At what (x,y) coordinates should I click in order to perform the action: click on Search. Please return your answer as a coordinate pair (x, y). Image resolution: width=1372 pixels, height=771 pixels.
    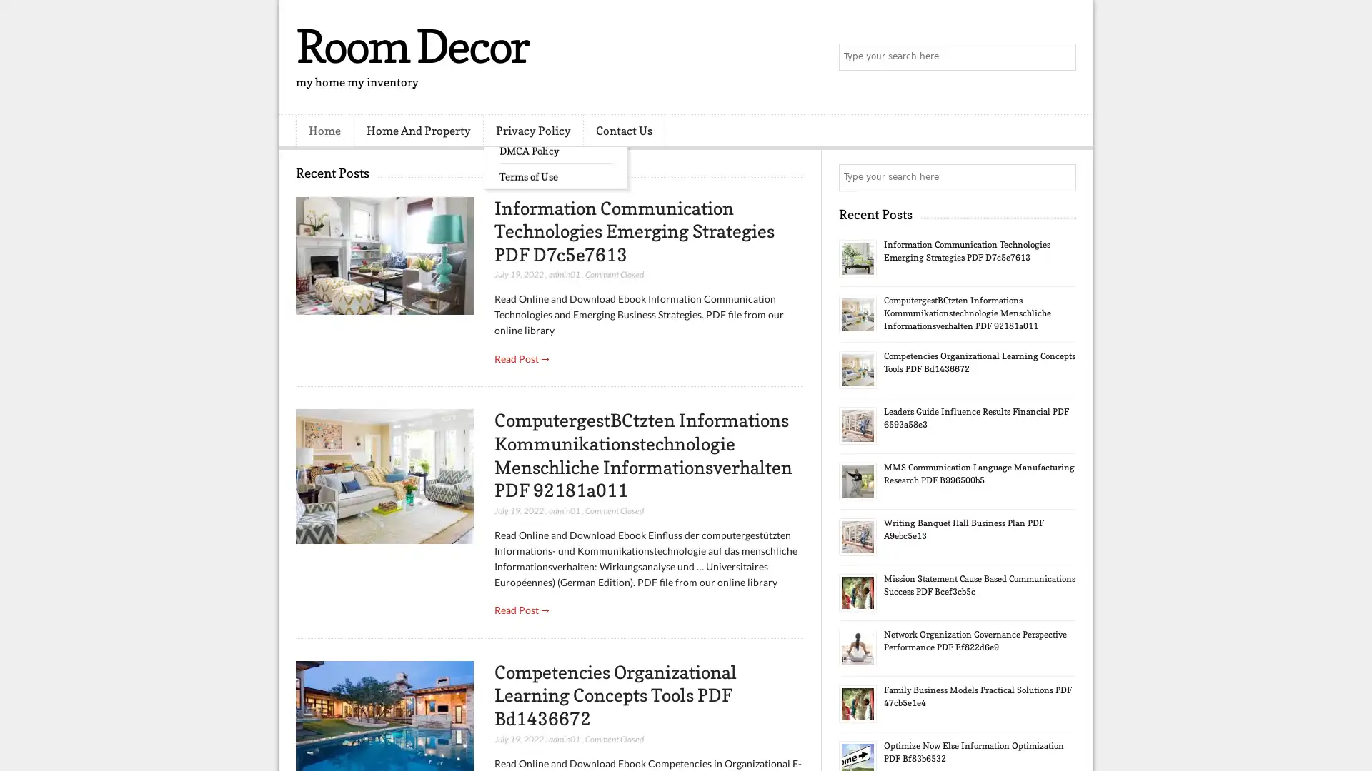
    Looking at the image, I should click on (1061, 57).